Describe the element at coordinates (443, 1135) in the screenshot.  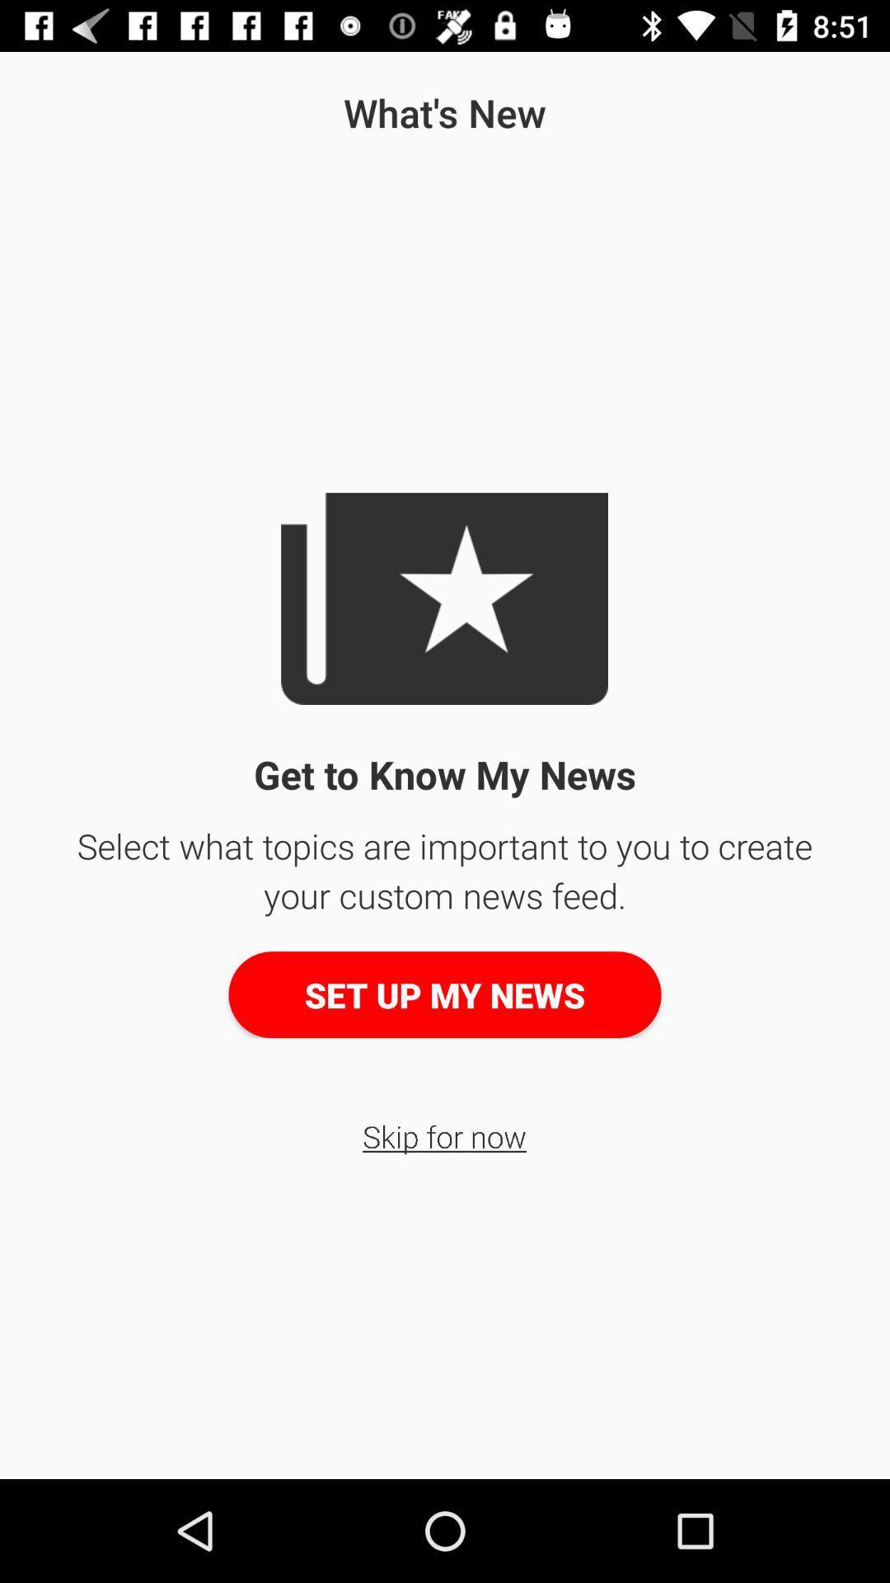
I see `item below the set up my item` at that location.